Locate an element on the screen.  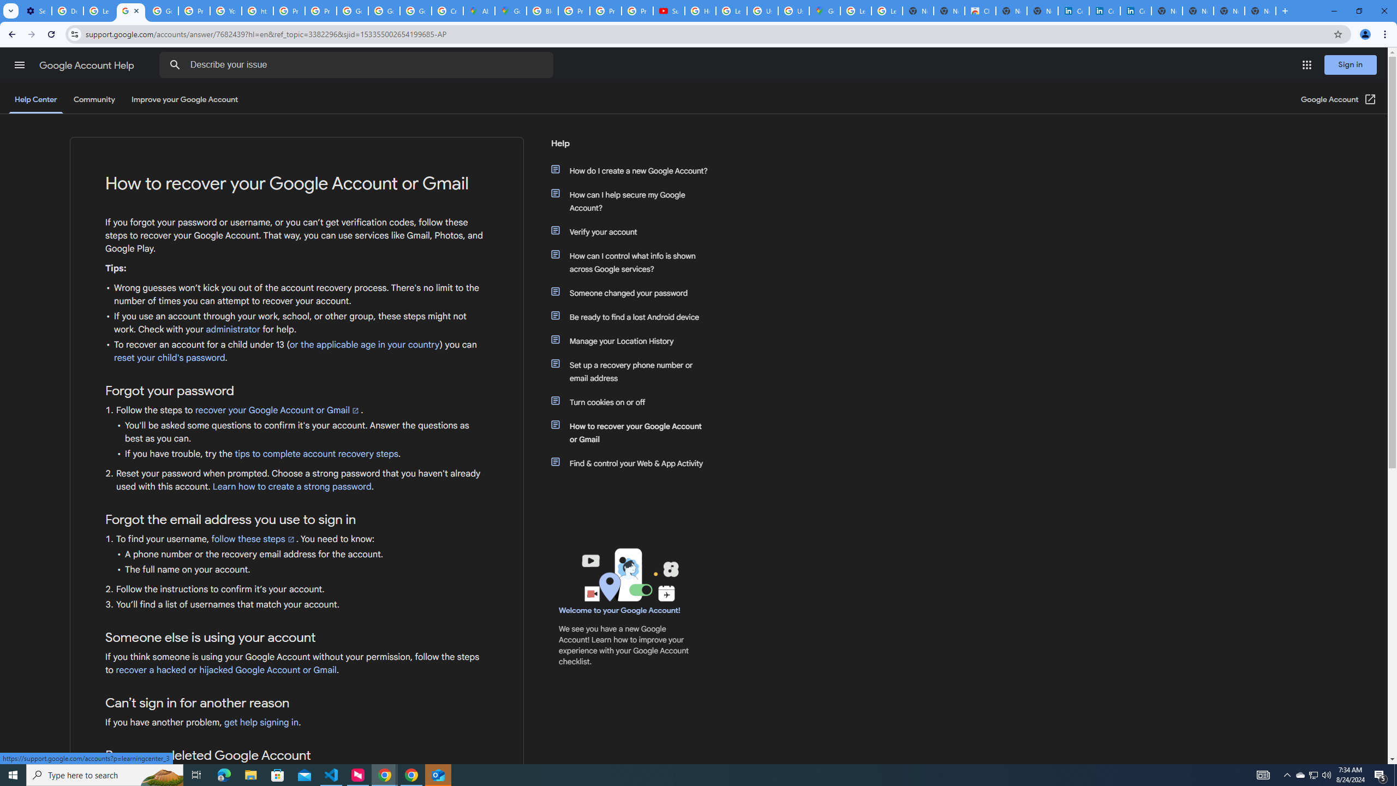
'Find & control your Web & App Activity' is located at coordinates (634, 462).